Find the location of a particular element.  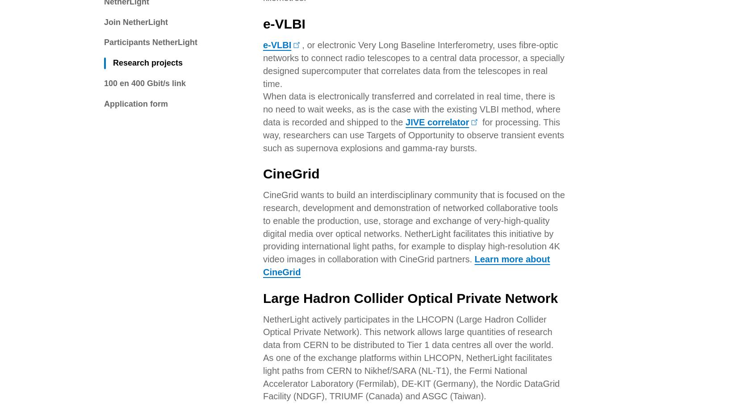

'alexander.vandenhil@surf.nl' is located at coordinates (452, 167).